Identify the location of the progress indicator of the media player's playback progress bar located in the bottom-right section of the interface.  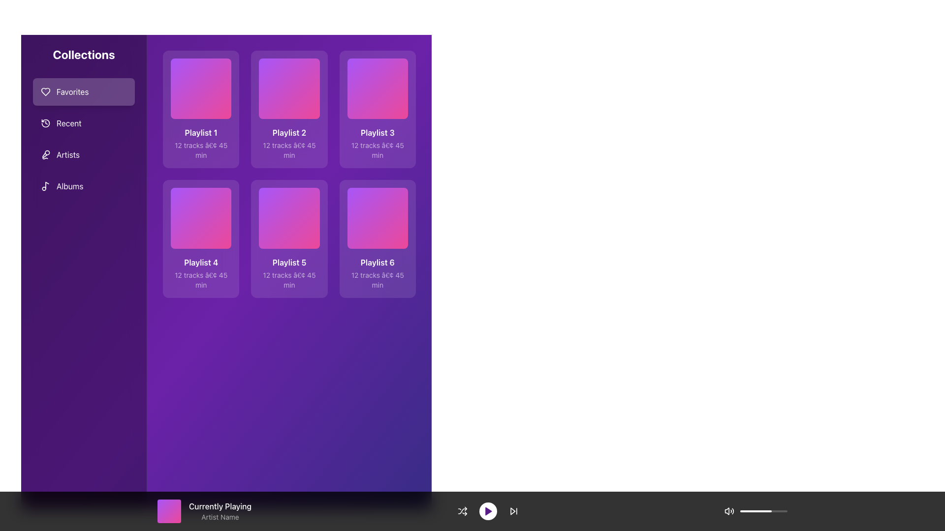
(763, 511).